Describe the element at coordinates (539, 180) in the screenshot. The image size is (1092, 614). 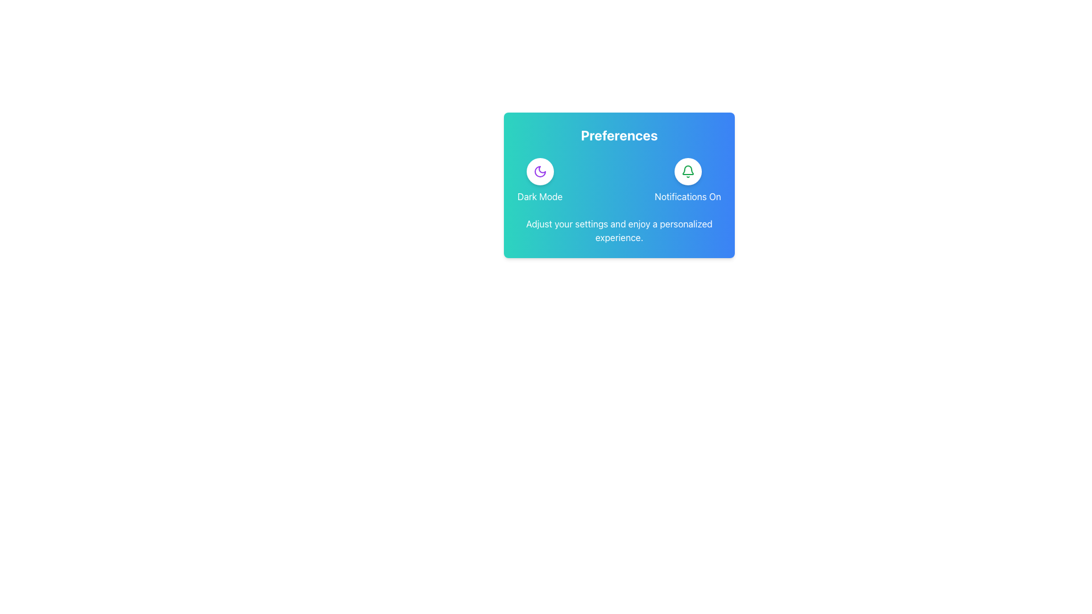
I see `the toggle button for activating or deactivating the dark mode feature located in the Preferences section, to the left of the Notifications On button` at that location.